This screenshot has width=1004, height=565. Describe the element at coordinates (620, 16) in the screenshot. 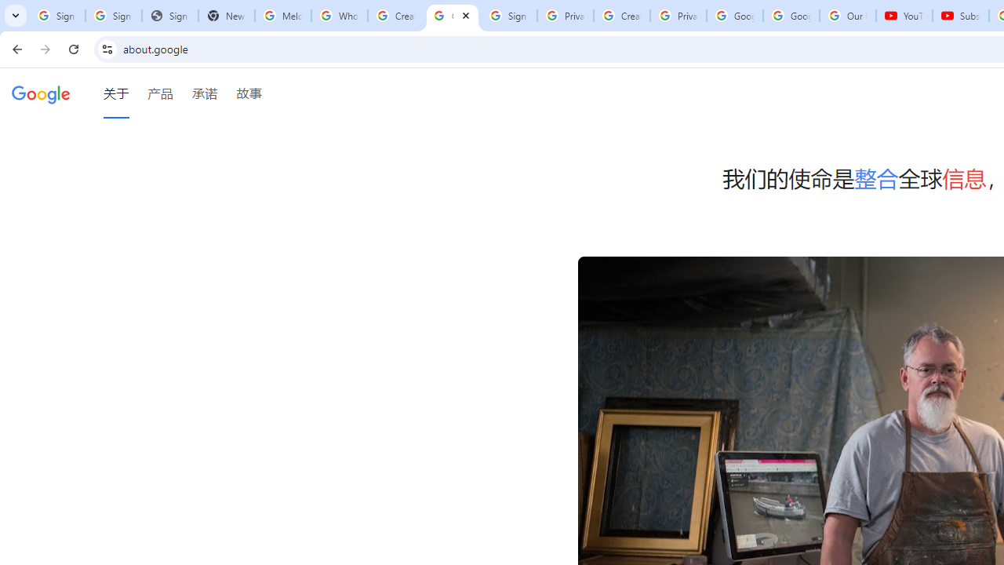

I see `'Create your Google Account'` at that location.